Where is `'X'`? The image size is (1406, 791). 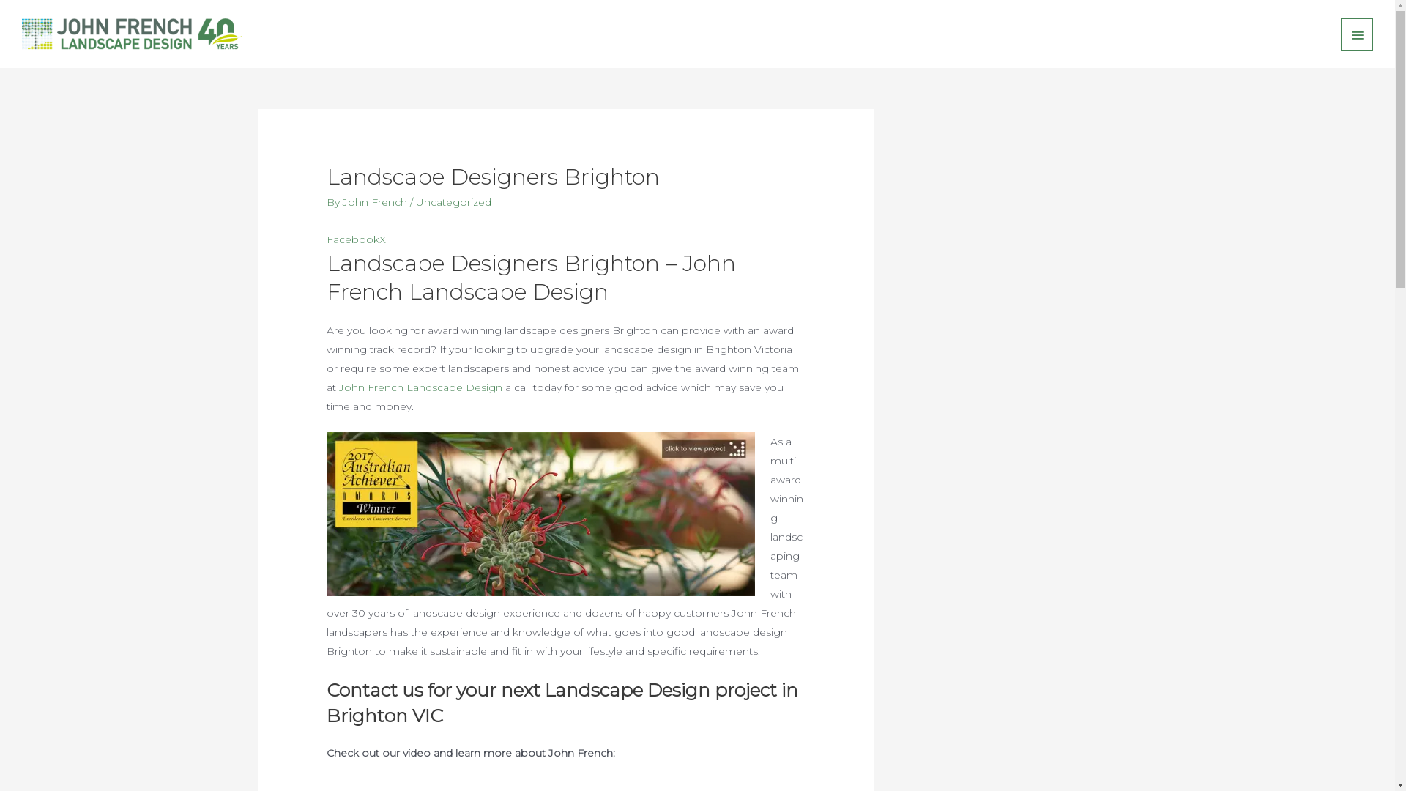 'X' is located at coordinates (382, 239).